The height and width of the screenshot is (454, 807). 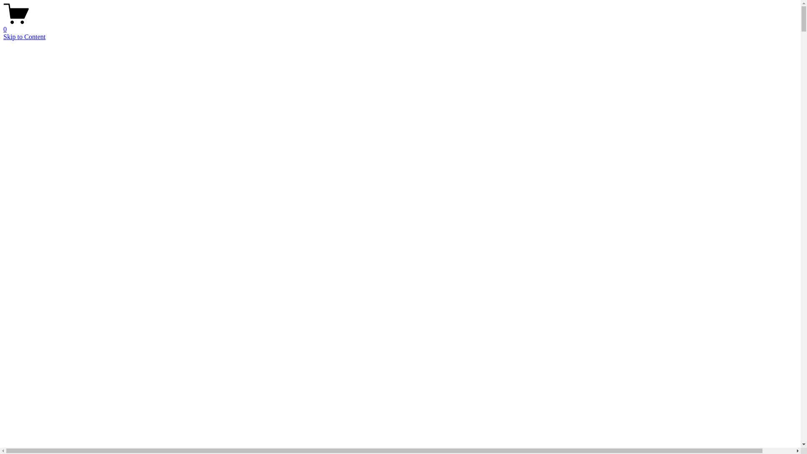 What do you see at coordinates (3, 25) in the screenshot?
I see `'0'` at bounding box center [3, 25].